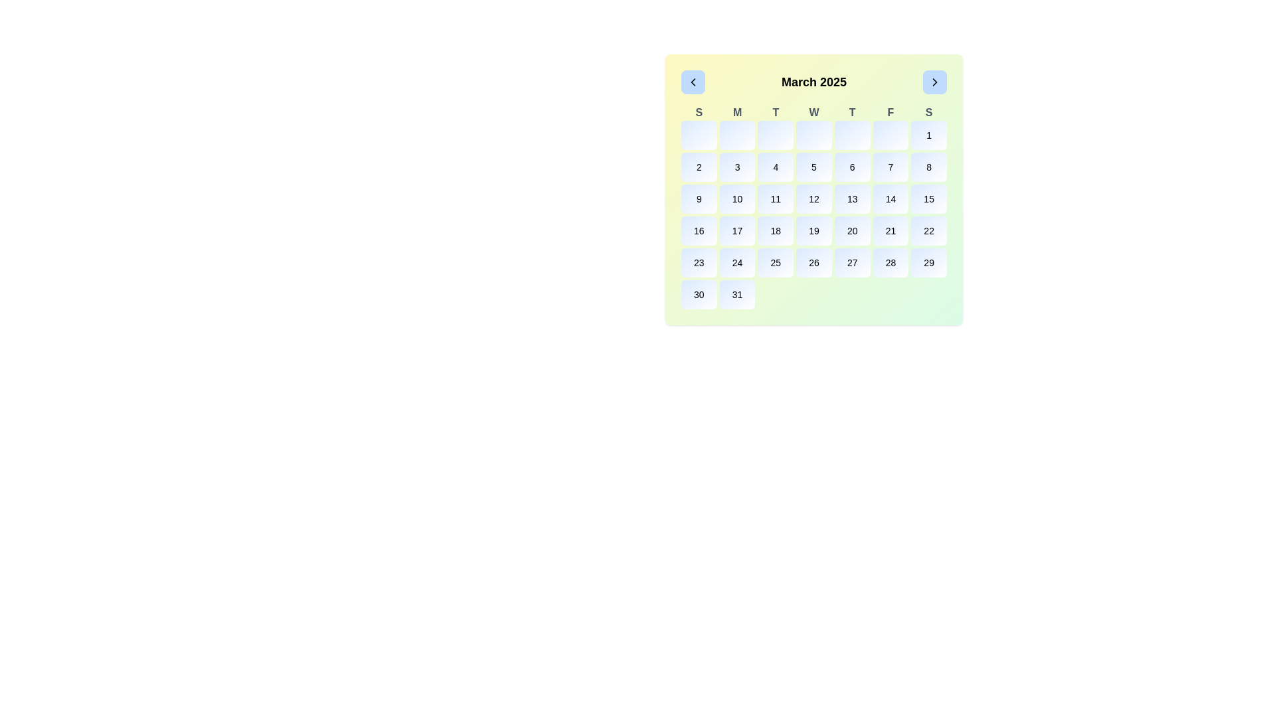 The height and width of the screenshot is (717, 1275). Describe the element at coordinates (928, 135) in the screenshot. I see `the clickable calendar day box representing the first day of the month, which is styled with a rounded aesthetic and a gradient background transitioning from blue to white, containing the number '1' in black` at that location.